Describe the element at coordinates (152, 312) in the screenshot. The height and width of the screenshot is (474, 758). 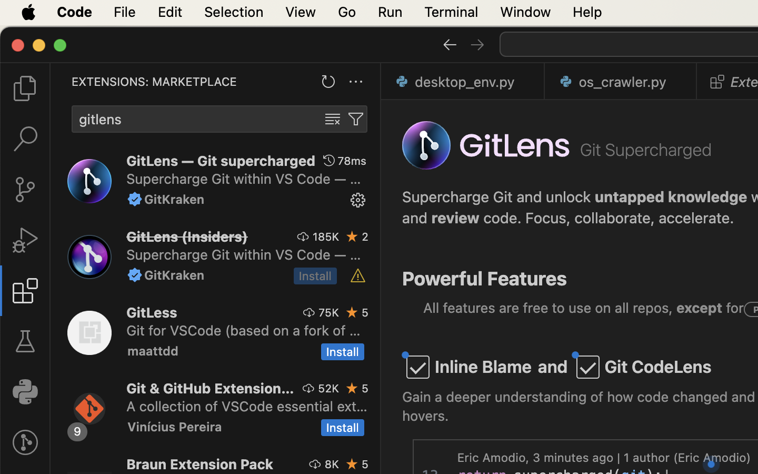
I see `'GitLess'` at that location.